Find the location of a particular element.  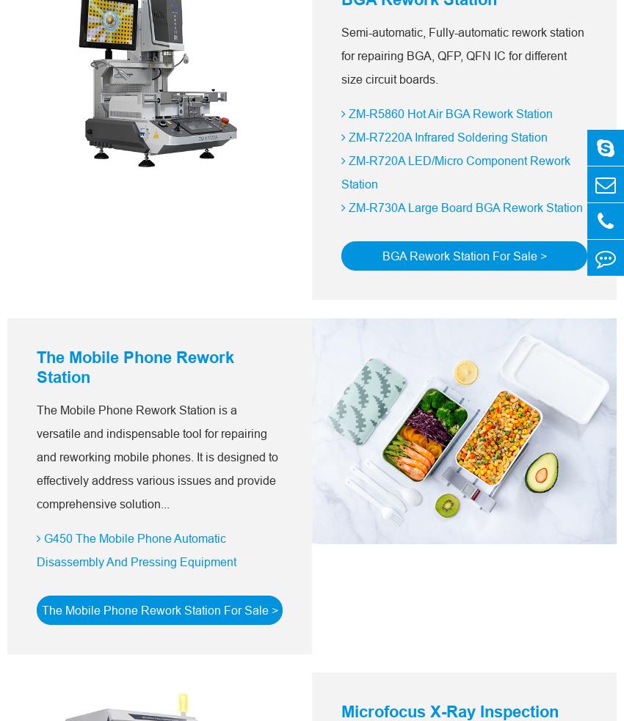

'BGA Rework Station For Sale >' is located at coordinates (462, 255).